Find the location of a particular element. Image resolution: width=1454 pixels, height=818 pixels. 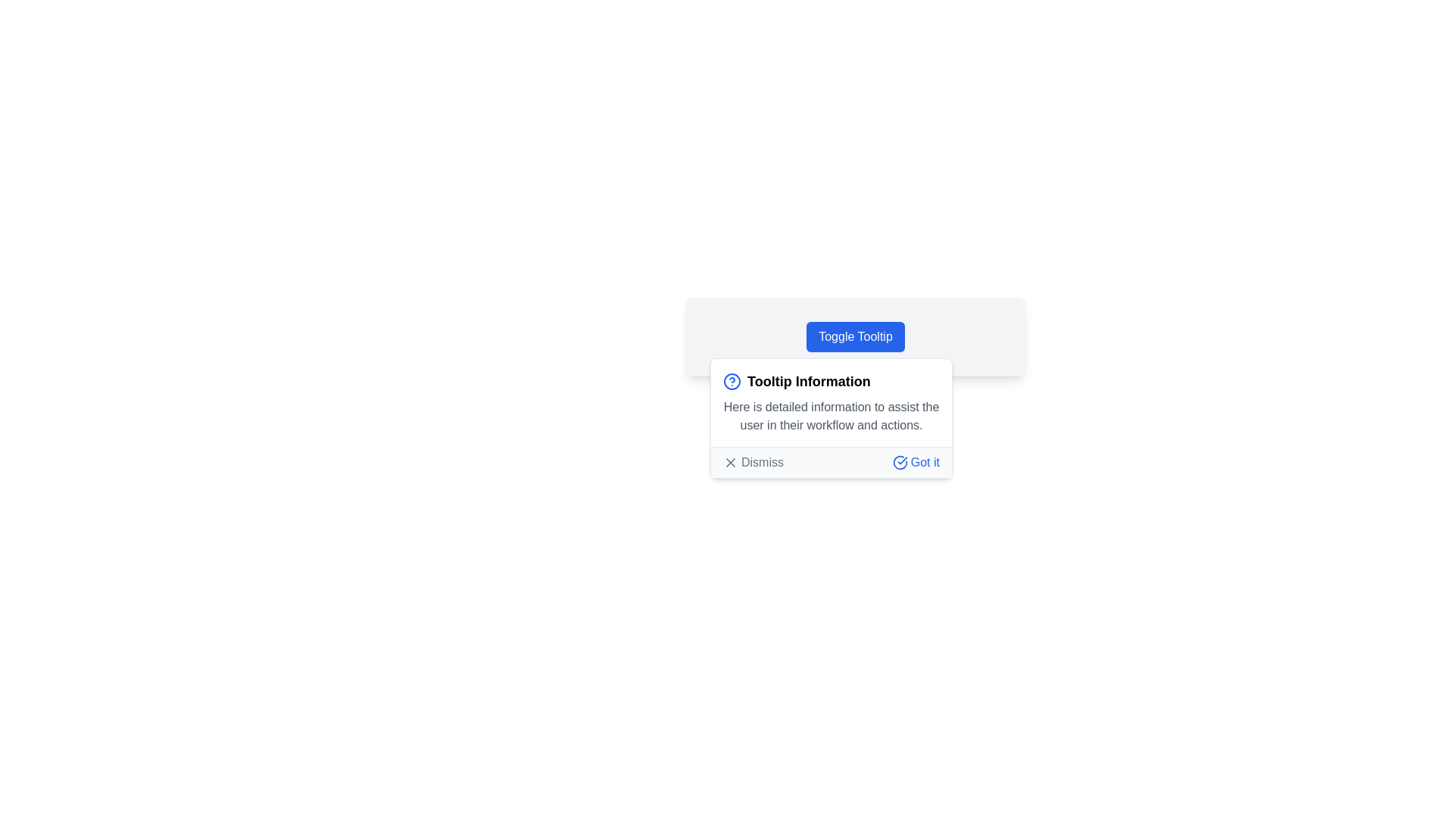

the circular blue outlined icon with a question mark symbol, located next to the 'Tooltip Information' heading in the tooltip box is located at coordinates (732, 381).